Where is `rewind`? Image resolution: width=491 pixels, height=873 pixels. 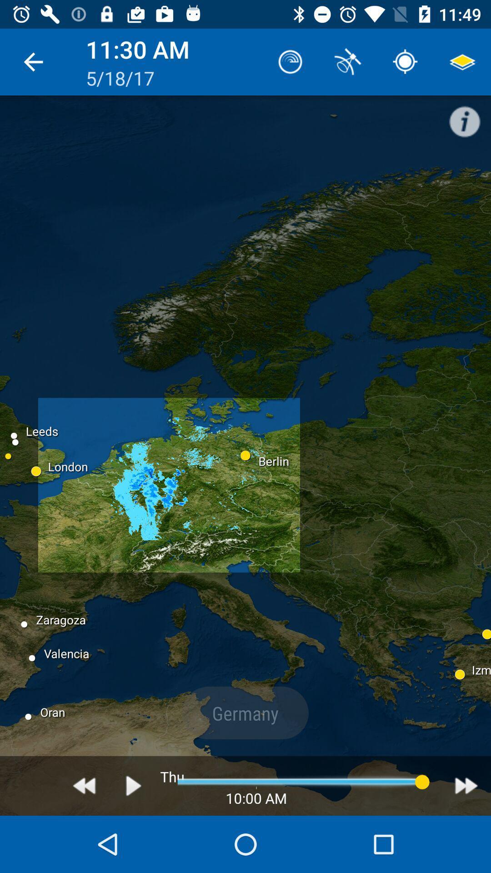
rewind is located at coordinates (84, 785).